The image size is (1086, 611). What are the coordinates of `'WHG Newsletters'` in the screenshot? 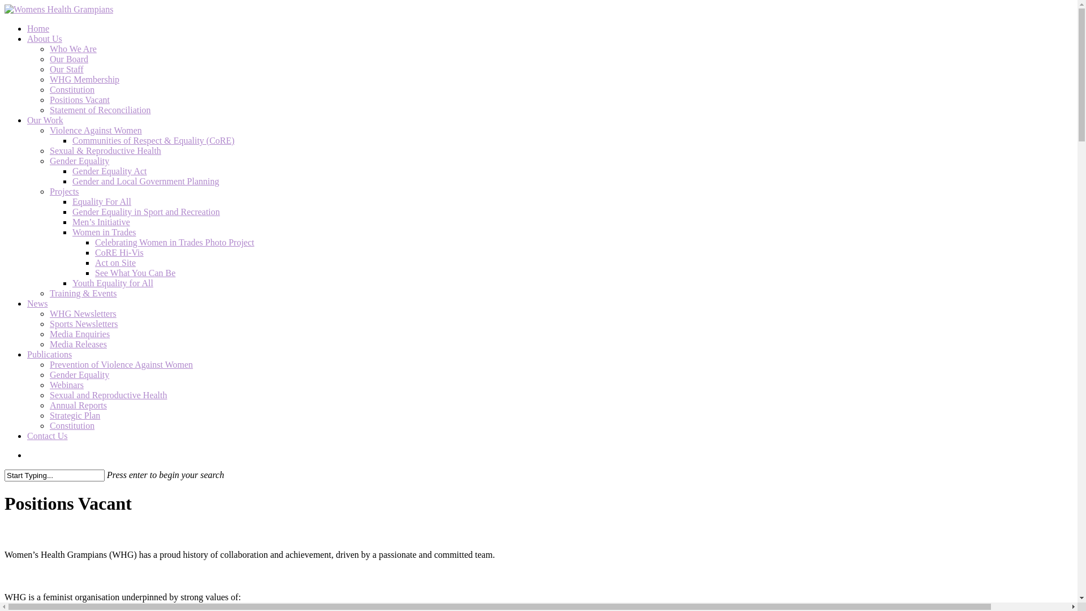 It's located at (49, 313).